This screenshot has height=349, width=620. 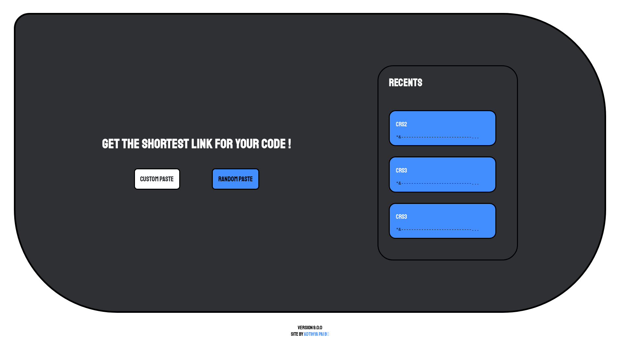 What do you see at coordinates (157, 179) in the screenshot?
I see `'Custom paste'` at bounding box center [157, 179].